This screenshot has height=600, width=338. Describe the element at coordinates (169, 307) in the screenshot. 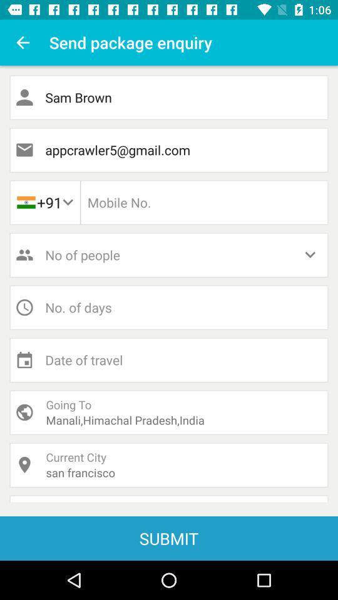

I see `input number of days` at that location.